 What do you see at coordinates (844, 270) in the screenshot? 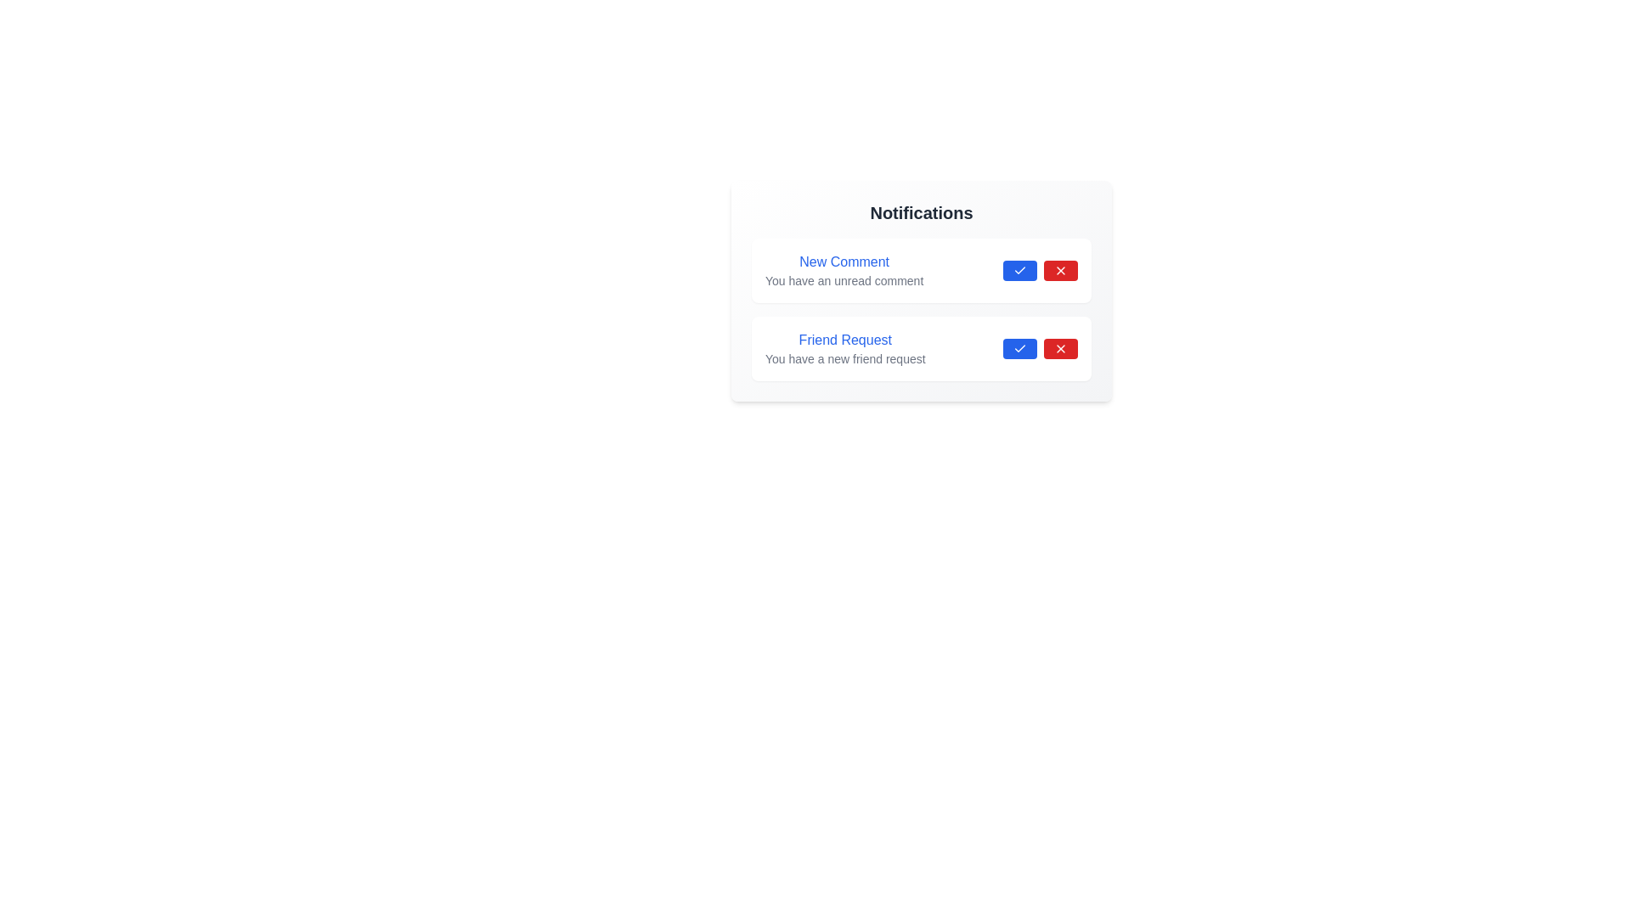
I see `information displayed in the Composite text display that shows 'New Comment' in bold blue font and 'You have an unread comment' in lighter gray font` at bounding box center [844, 270].